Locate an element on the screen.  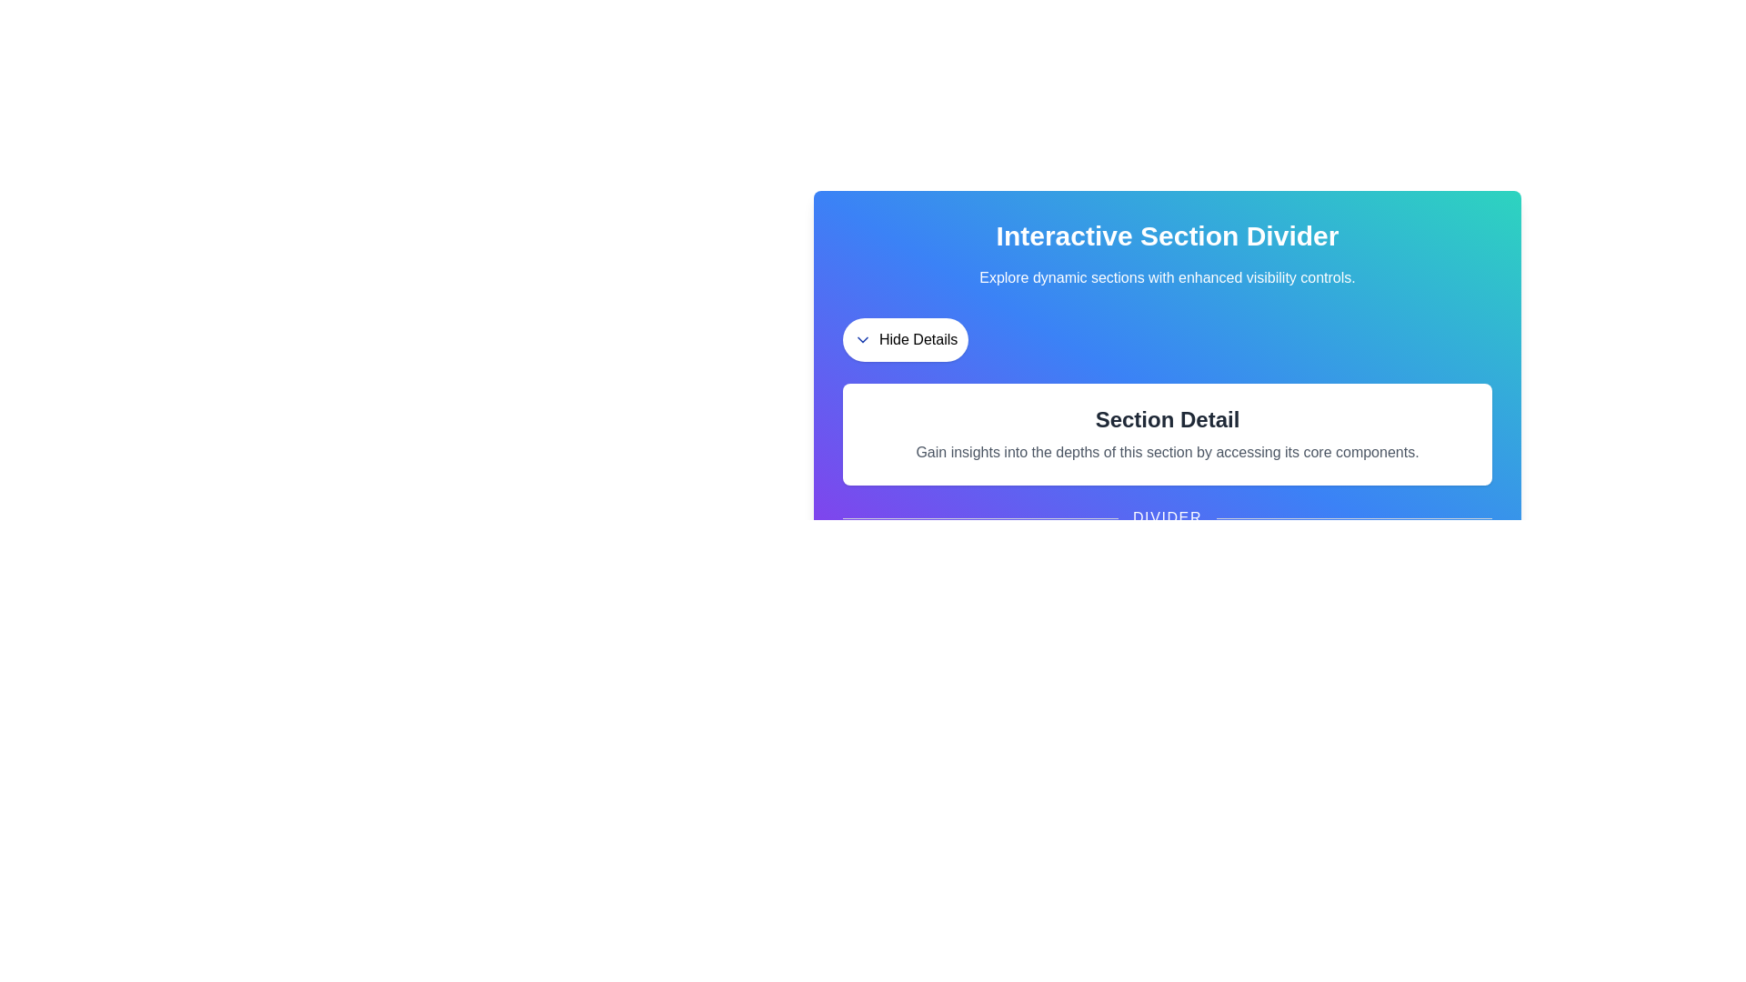
the bold text header stating 'Interactive Section Divider', which is styled in white and has a large font size, located at the top of its section against a gradient background is located at coordinates (1167, 235).